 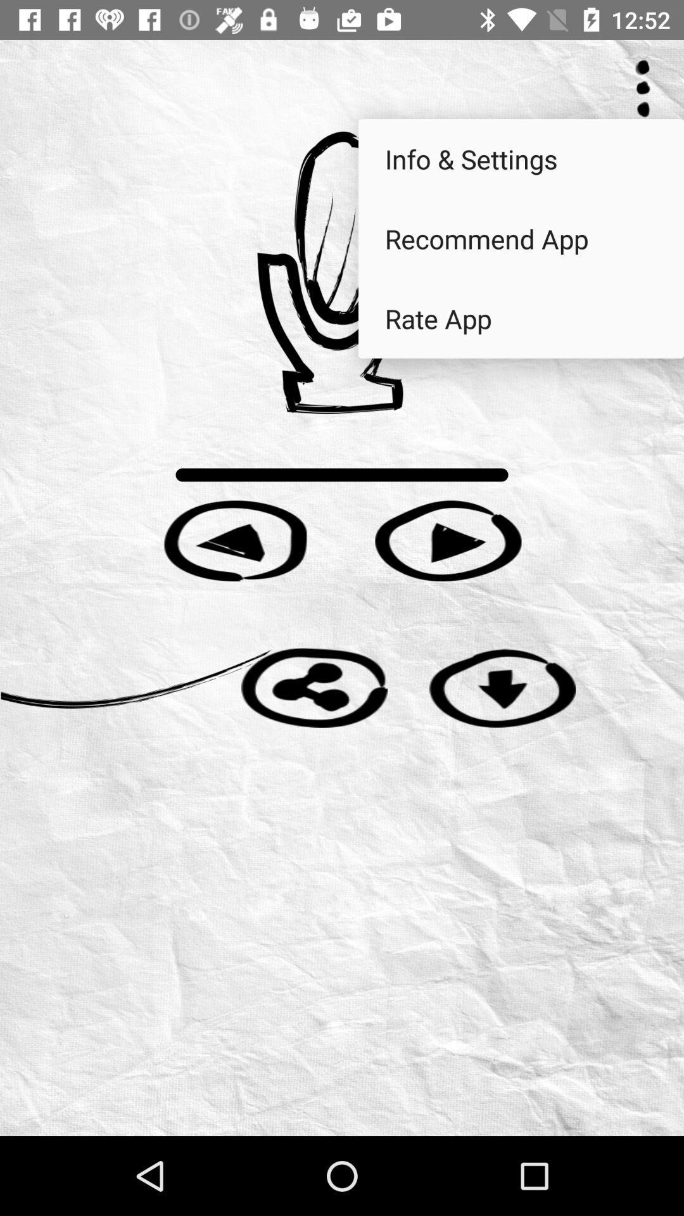 I want to click on go back, so click(x=235, y=541).